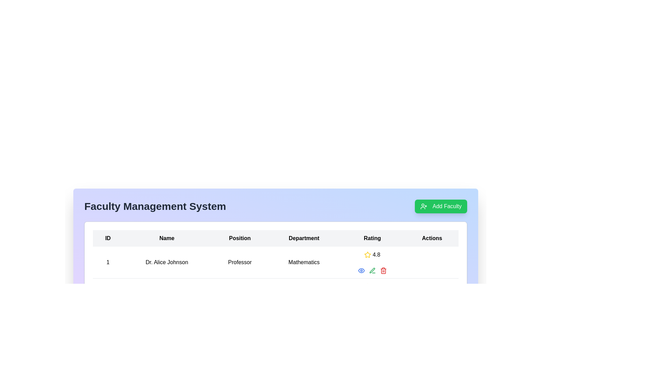 The width and height of the screenshot is (661, 371). What do you see at coordinates (167, 238) in the screenshot?
I see `the text of the 'Name' column header in the table, which is the second column header located between 'ID' and 'Position'` at bounding box center [167, 238].